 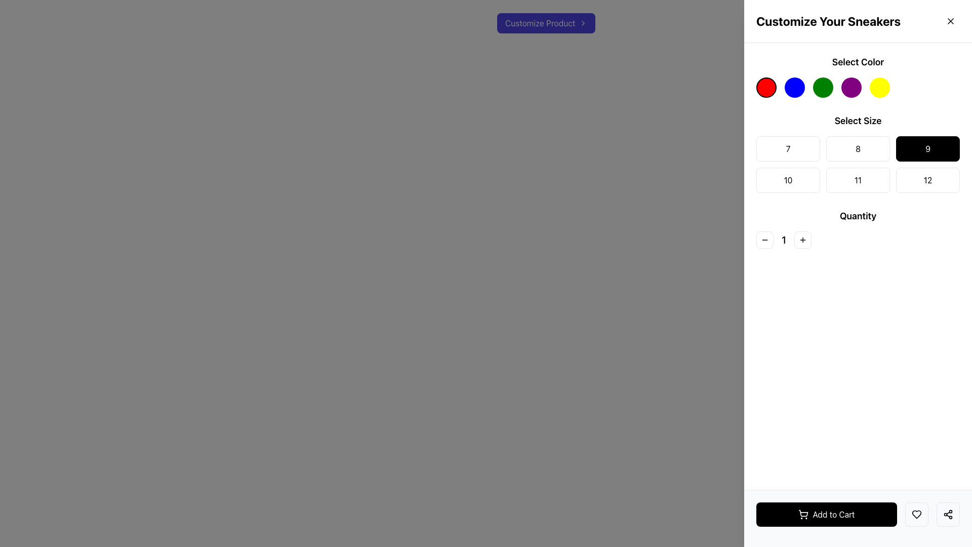 What do you see at coordinates (828, 21) in the screenshot?
I see `the title text element located at the top-right corner of the interface, which indicates the purpose of customizing sneakers` at bounding box center [828, 21].